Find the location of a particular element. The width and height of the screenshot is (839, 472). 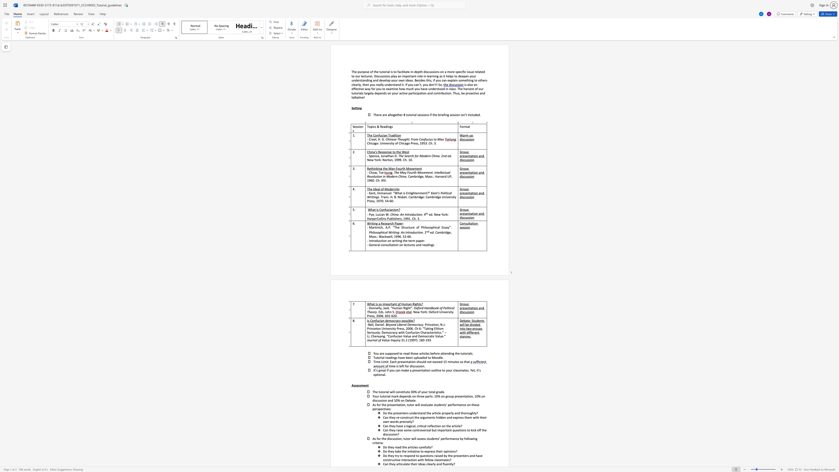

the 1th character "?" in the text is located at coordinates (454, 464).